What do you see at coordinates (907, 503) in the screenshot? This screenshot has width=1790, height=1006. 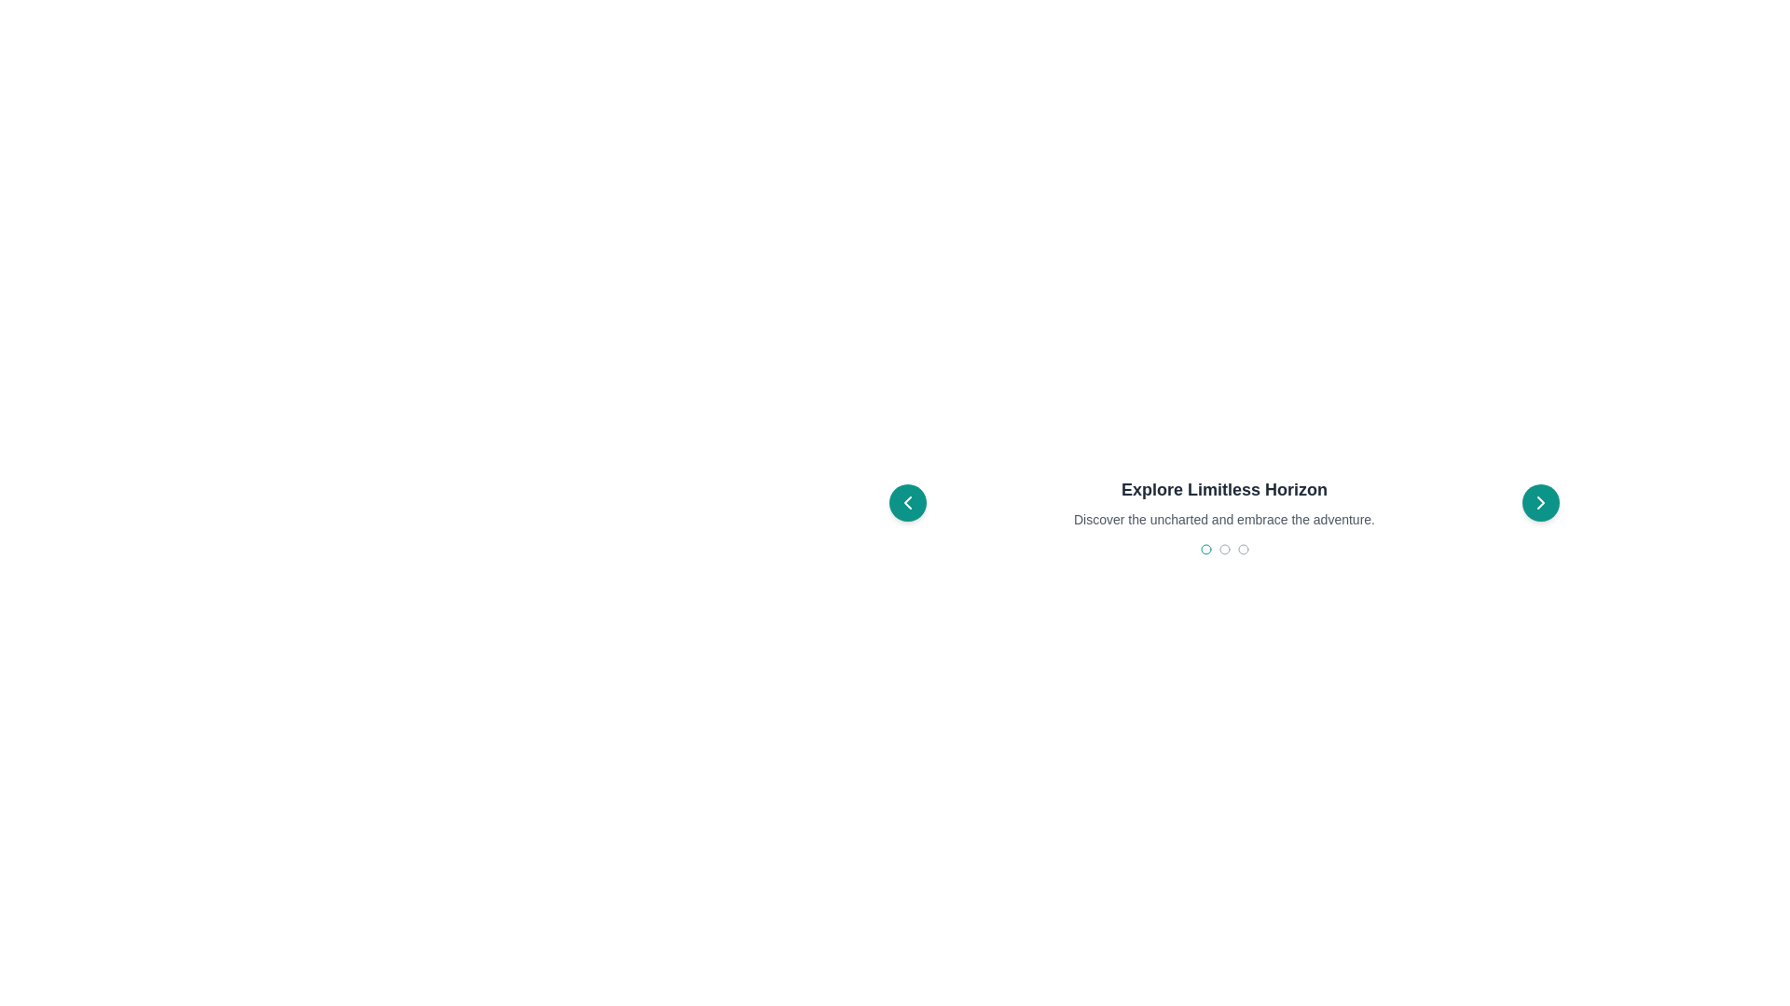 I see `the circular teal button with a white left-pointing chevron symbol` at bounding box center [907, 503].